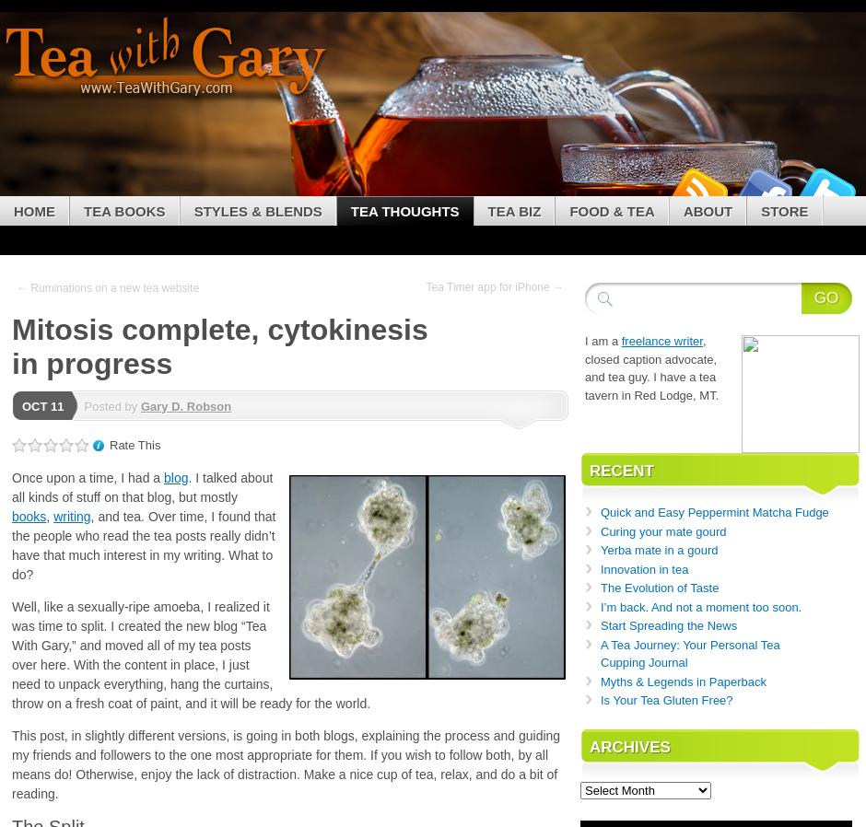 This screenshot has height=827, width=866. What do you see at coordinates (48, 514) in the screenshot?
I see `','` at bounding box center [48, 514].